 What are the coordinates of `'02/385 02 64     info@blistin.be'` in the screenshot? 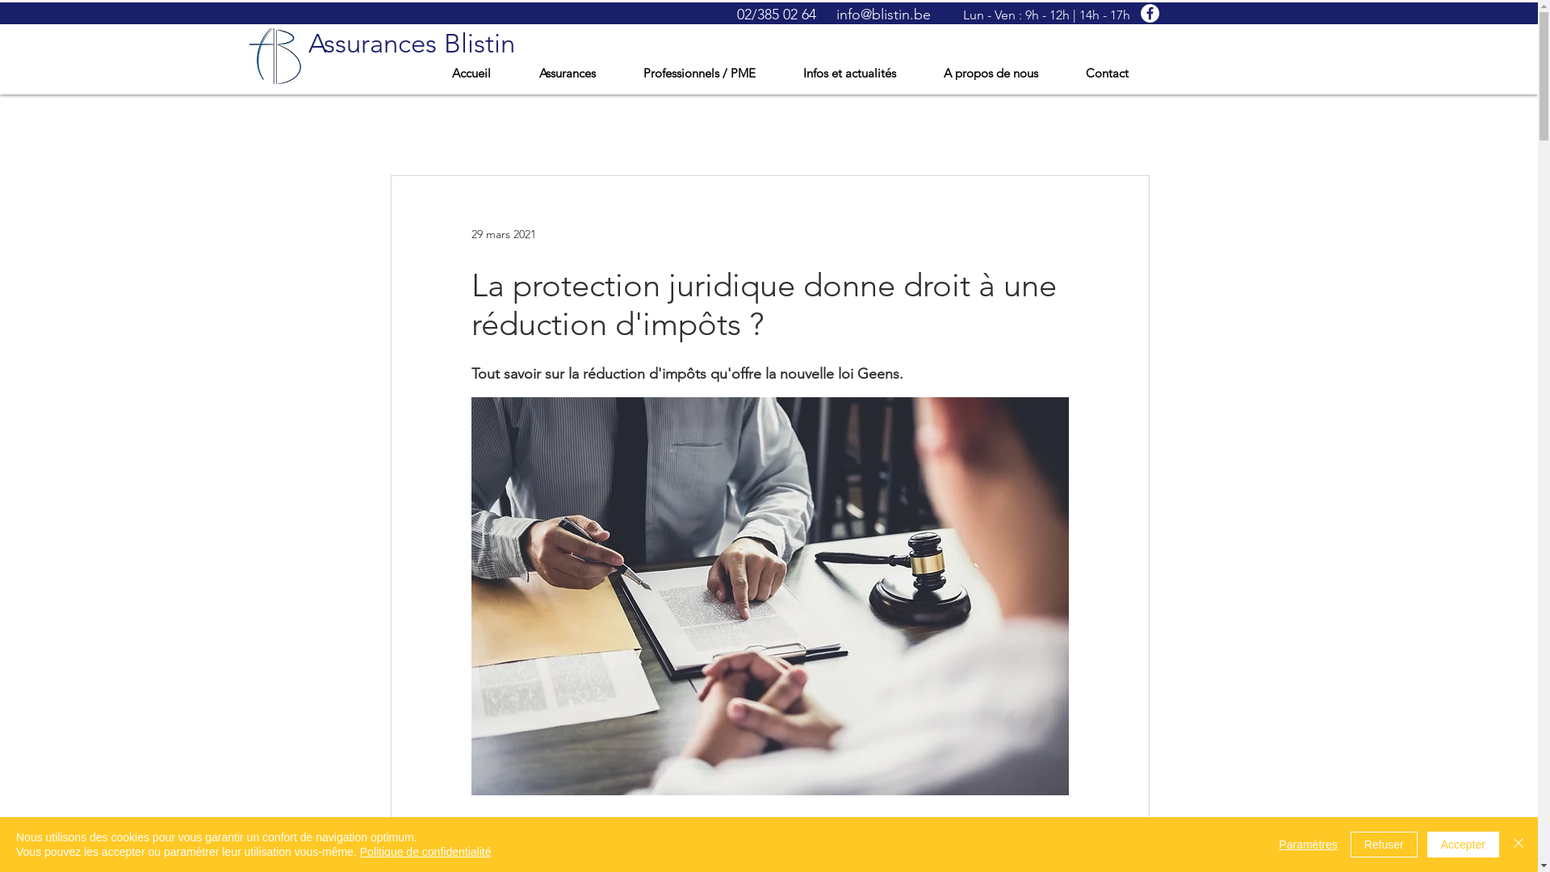 It's located at (833, 15).